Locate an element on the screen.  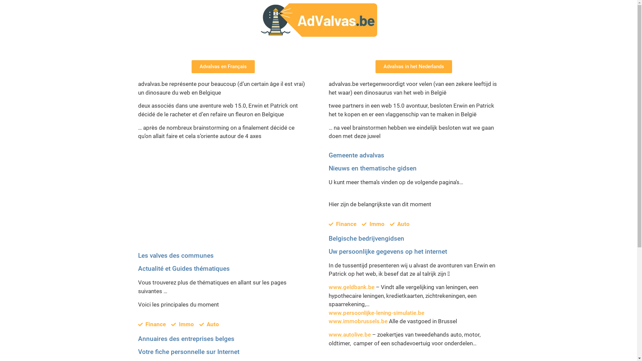
'Auto' is located at coordinates (209, 324).